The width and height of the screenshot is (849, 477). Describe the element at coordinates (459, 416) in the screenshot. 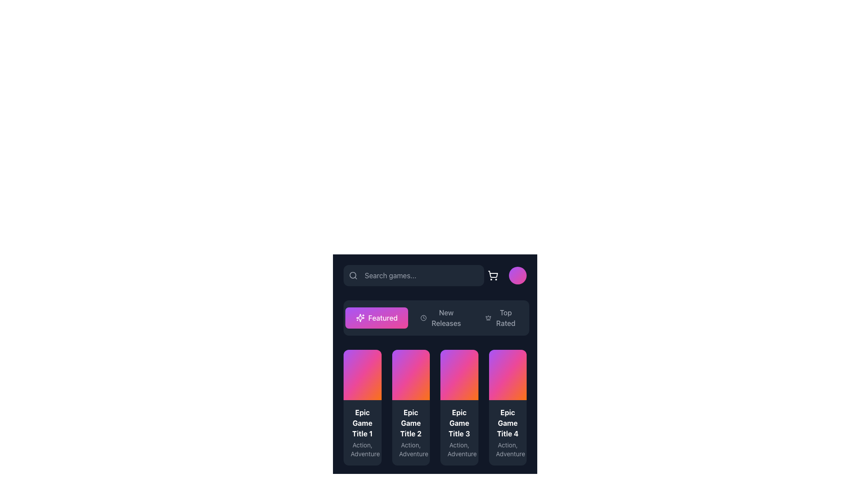

I see `text label located immediately below the title 'Epic Game Title 3' in the middle part of the card's lower section` at that location.